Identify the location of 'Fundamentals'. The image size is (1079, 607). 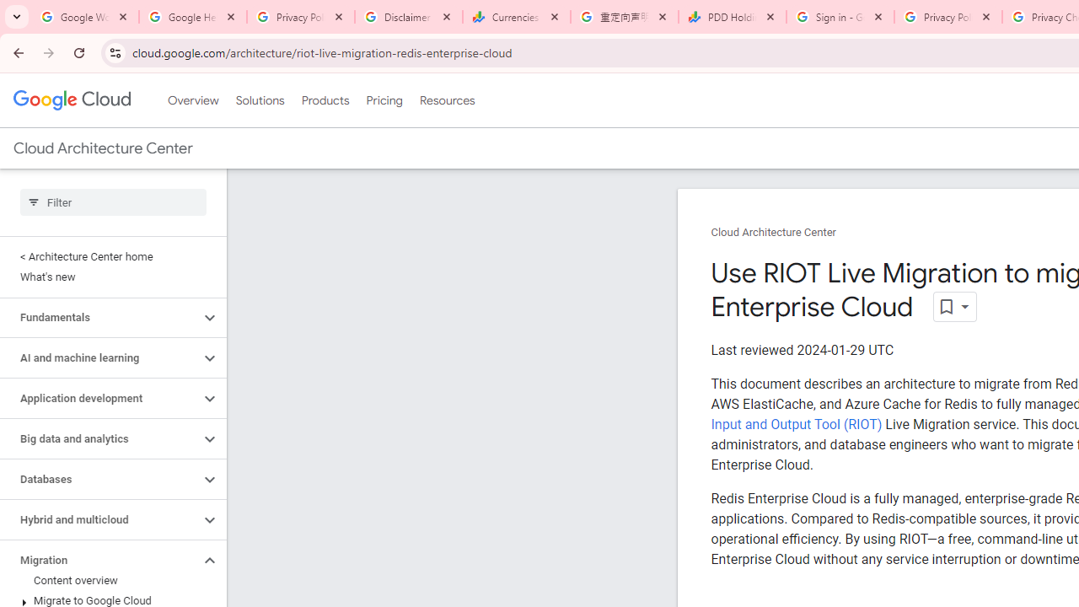
(99, 317).